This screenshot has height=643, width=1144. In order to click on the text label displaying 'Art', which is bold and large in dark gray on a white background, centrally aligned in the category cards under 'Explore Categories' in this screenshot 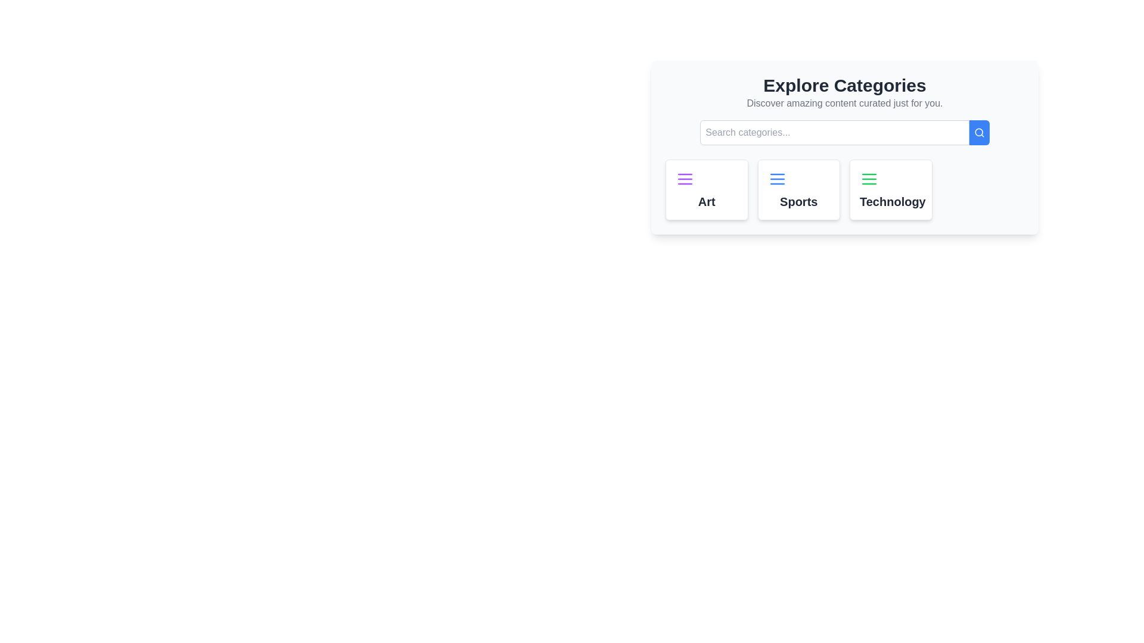, I will do `click(707, 201)`.